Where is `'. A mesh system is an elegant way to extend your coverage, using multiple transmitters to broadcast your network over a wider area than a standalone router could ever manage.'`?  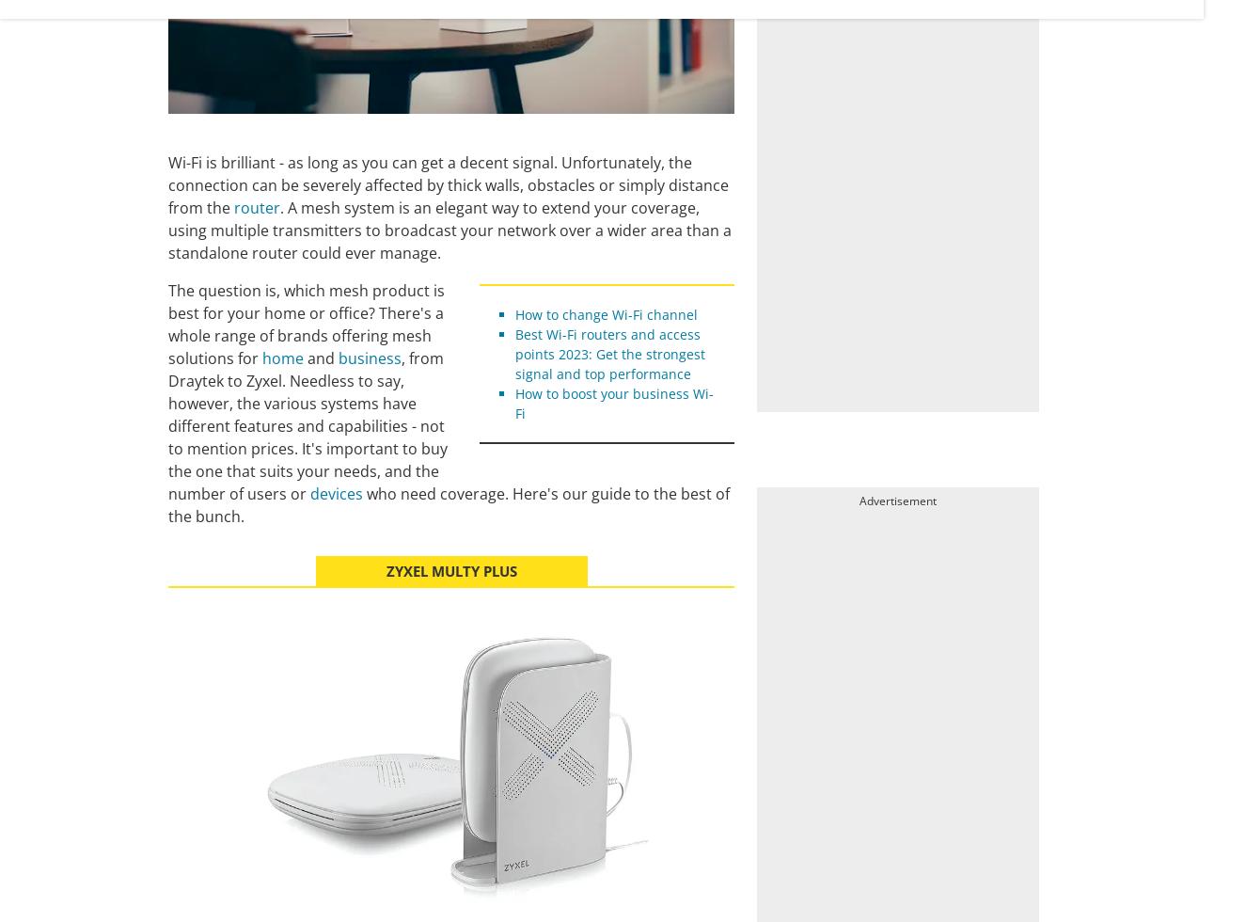 '. A mesh system is an elegant way to extend your coverage, using multiple transmitters to broadcast your network over a wider area than a standalone router could ever manage.' is located at coordinates (449, 230).